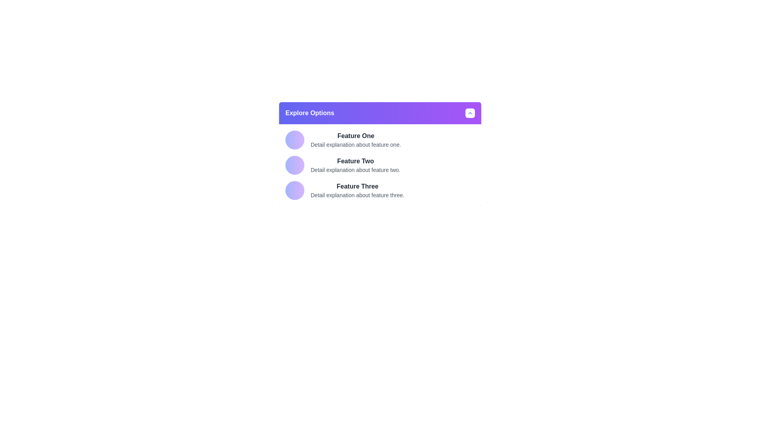 This screenshot has width=758, height=426. What do you see at coordinates (470, 113) in the screenshot?
I see `the upward-pointing chevron icon located in the upper-right corner of the interface` at bounding box center [470, 113].